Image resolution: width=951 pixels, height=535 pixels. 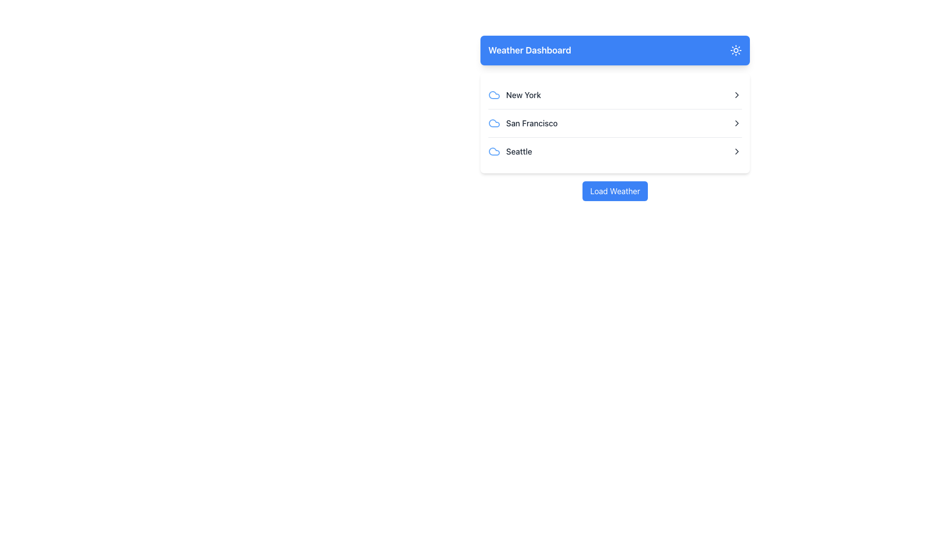 What do you see at coordinates (615, 191) in the screenshot?
I see `the 'Load Weather' button, which is a rounded rectangular button with a blue background and white text, located below the 'Weather Dashboard' panel and centered horizontally` at bounding box center [615, 191].